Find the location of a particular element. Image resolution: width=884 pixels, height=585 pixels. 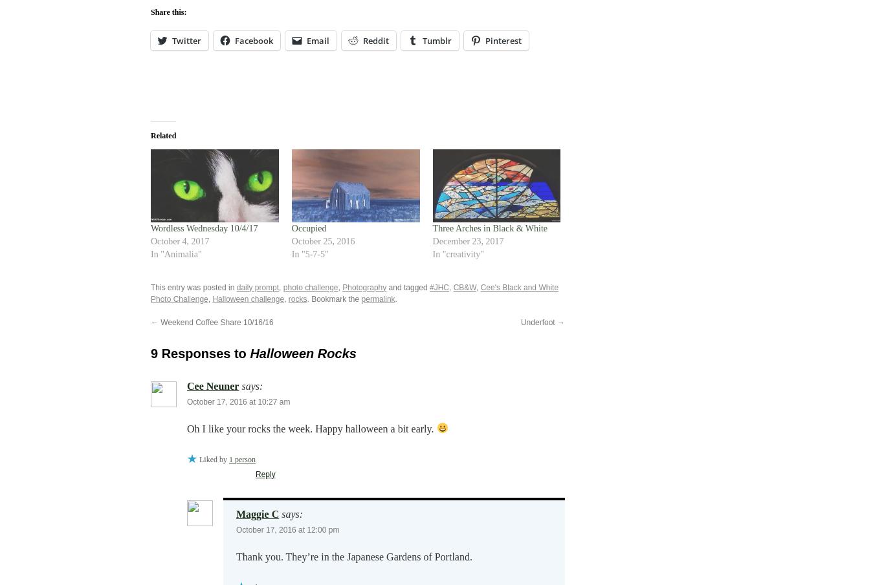

'Underfoot' is located at coordinates (538, 322).